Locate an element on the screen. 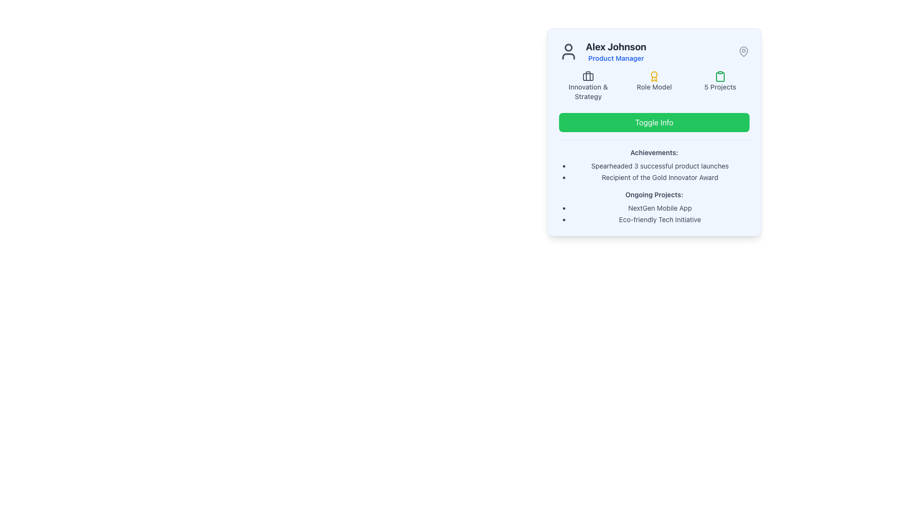  the text 'Eco-friendly Tech Initiative' which is the second item in the bullet-point list under the 'Ongoing Projects' heading in the blue-tinted panel is located at coordinates (659, 220).